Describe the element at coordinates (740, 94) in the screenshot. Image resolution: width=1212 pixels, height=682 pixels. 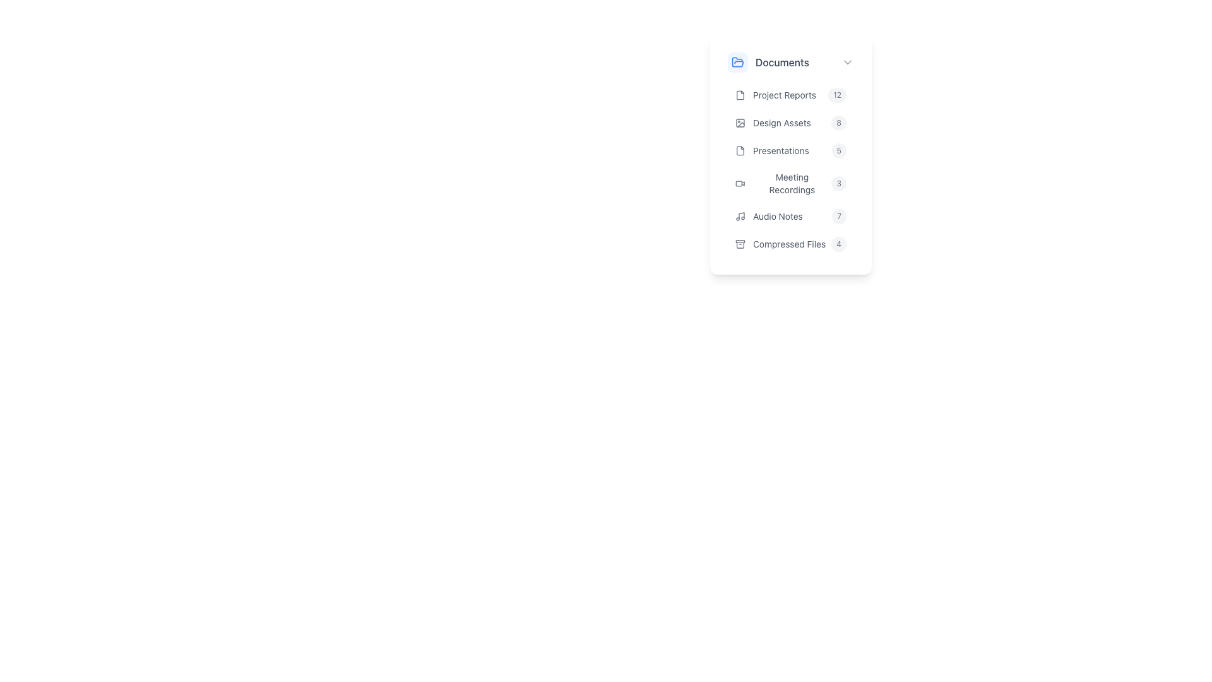
I see `the small gray file document icon located immediately to the left of the 'Project Reports' label in the 'Documents' menu` at that location.